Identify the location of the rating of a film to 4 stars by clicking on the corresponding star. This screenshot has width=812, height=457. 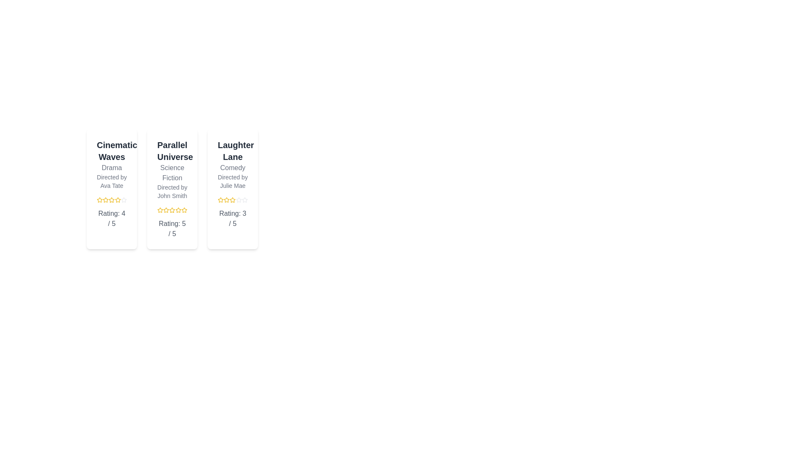
(117, 200).